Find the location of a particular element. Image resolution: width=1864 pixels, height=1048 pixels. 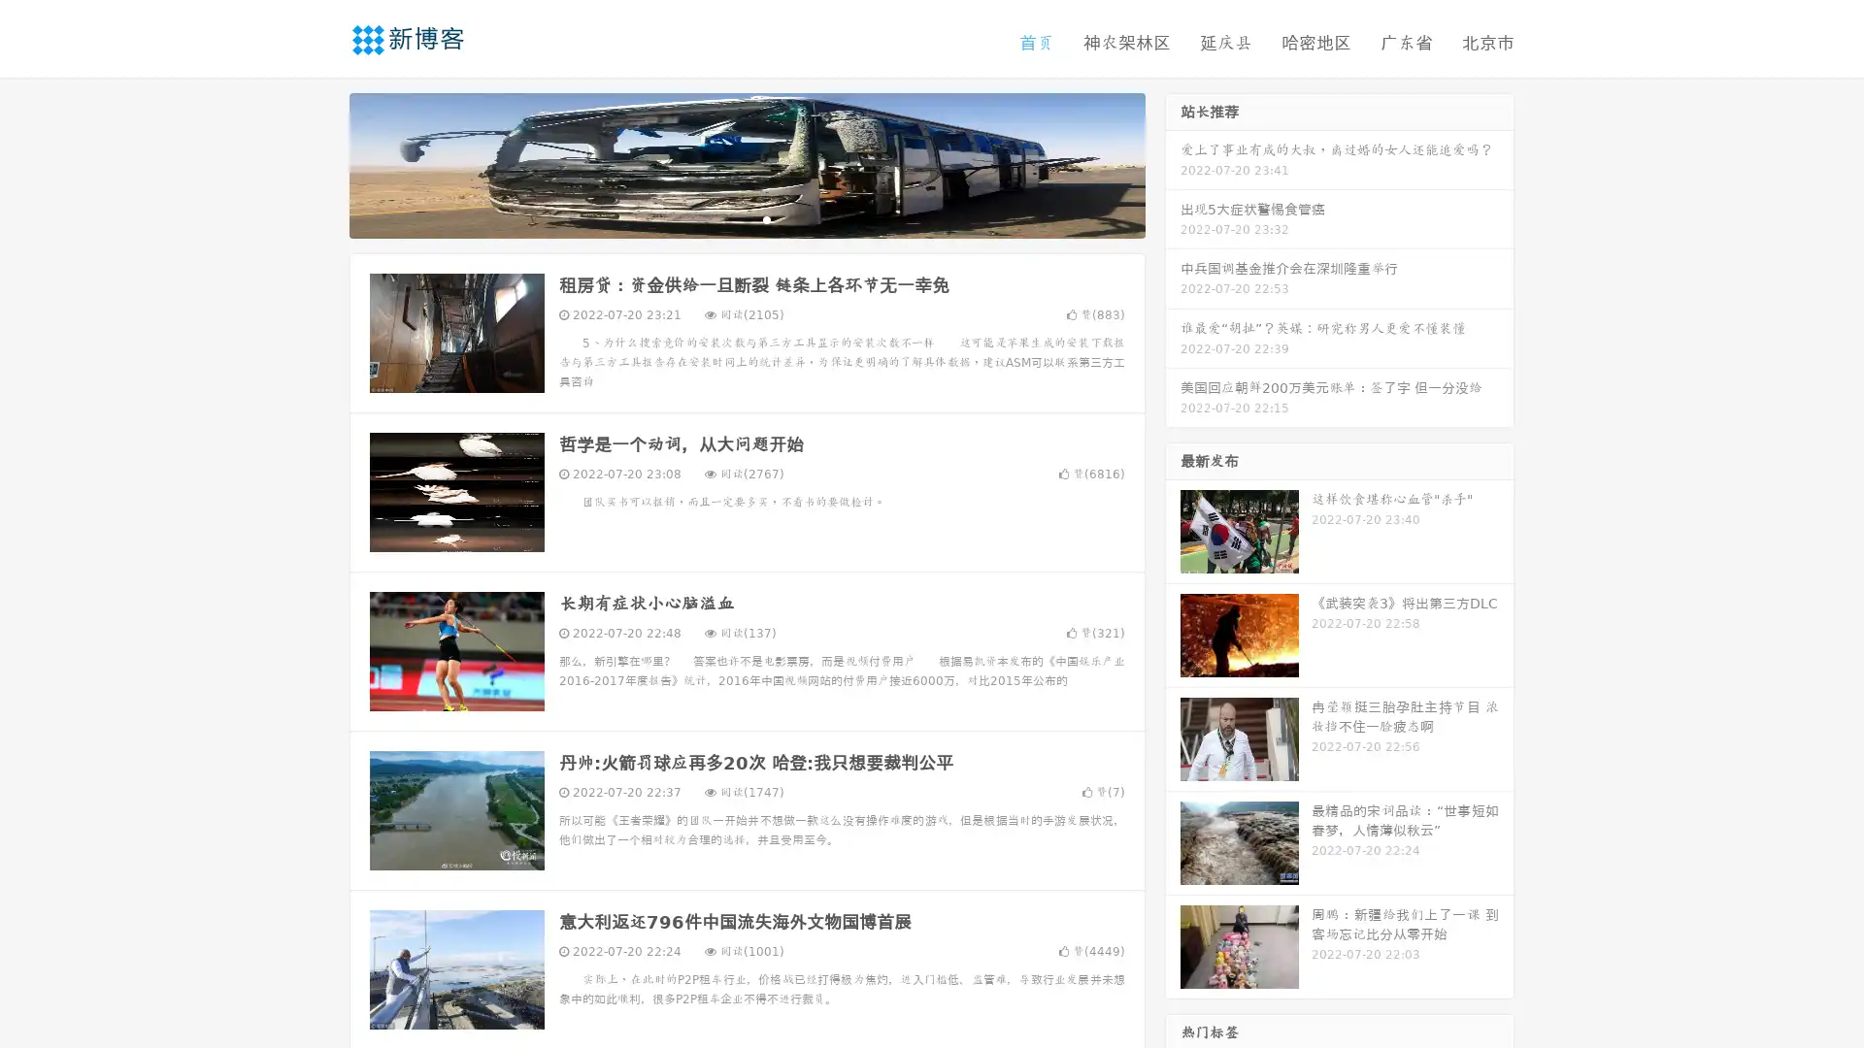

Previous slide is located at coordinates (320, 163).